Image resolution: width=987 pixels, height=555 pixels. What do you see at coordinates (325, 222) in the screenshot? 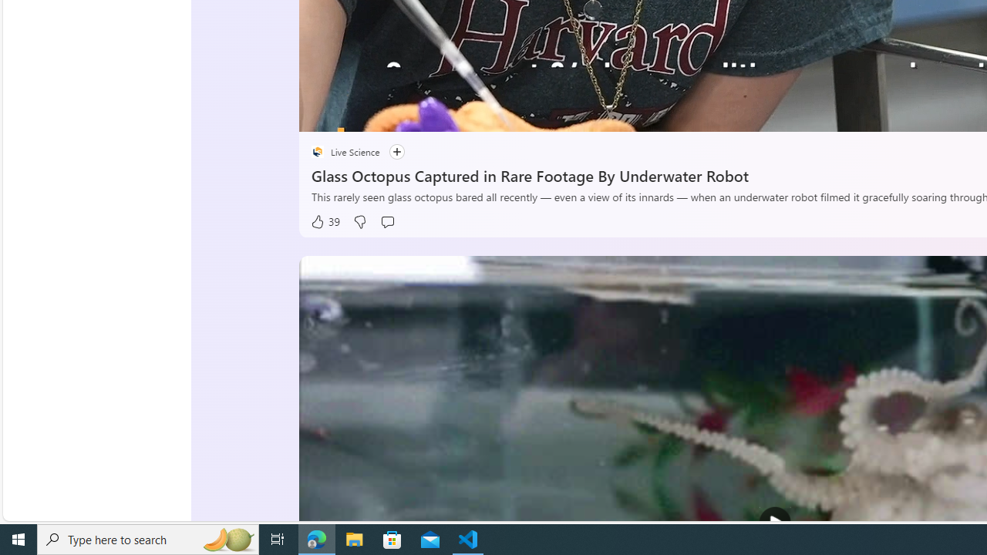
I see `'39 Like'` at bounding box center [325, 222].